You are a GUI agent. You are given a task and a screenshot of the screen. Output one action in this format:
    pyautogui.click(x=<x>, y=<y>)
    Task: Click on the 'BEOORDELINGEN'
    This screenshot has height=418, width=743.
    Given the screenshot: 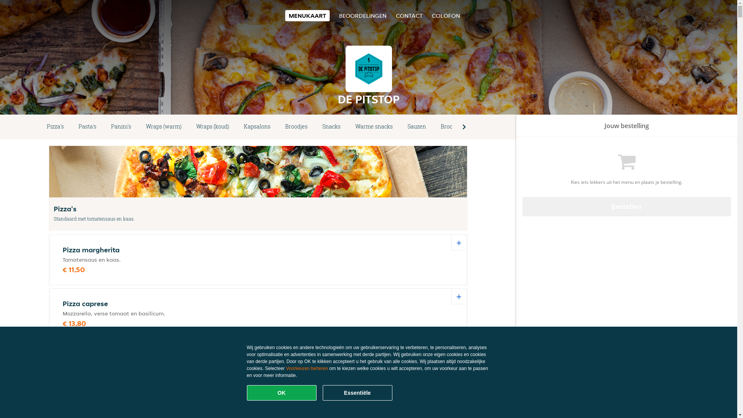 What is the action you would take?
    pyautogui.click(x=339, y=15)
    